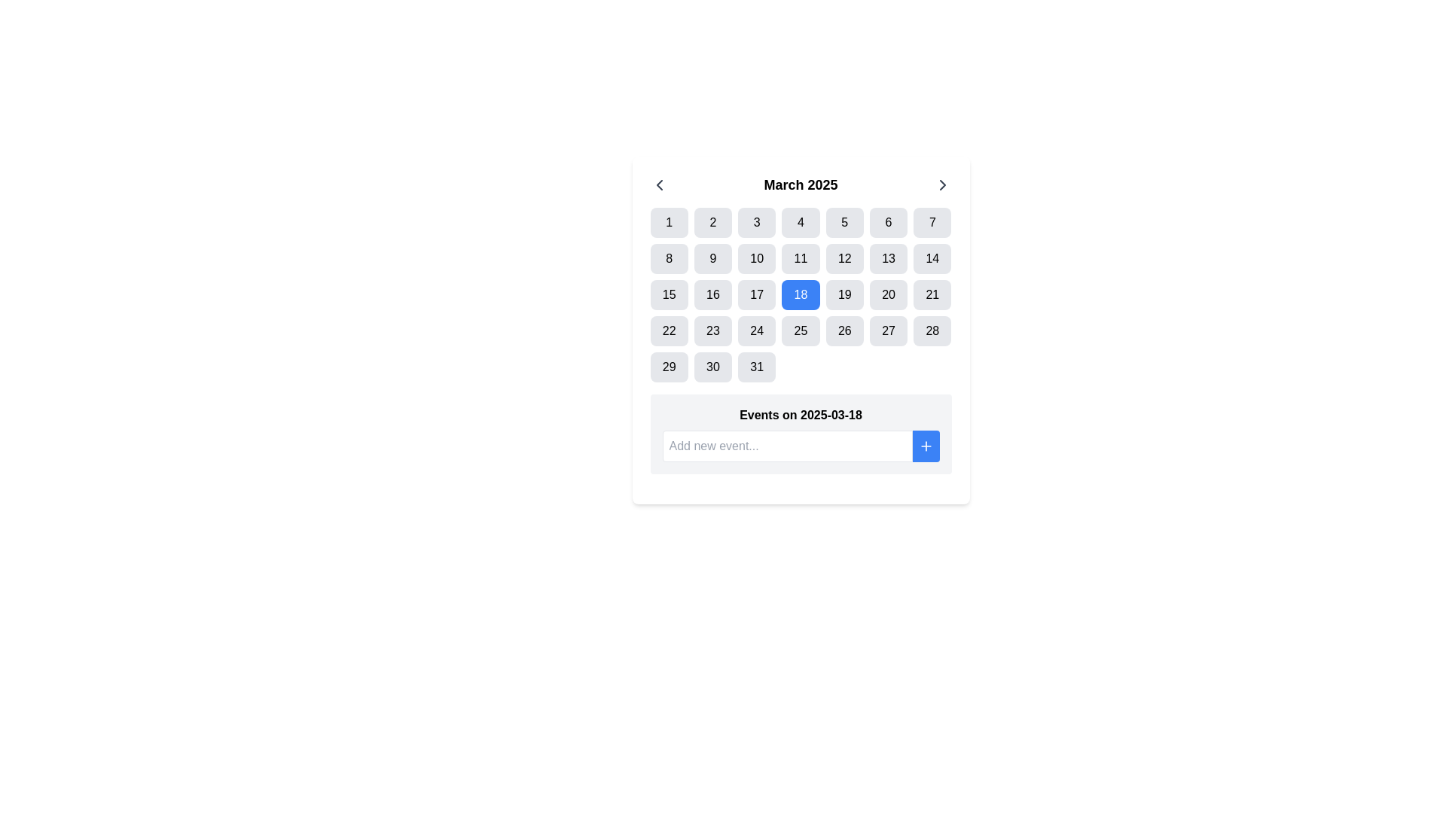 The image size is (1446, 813). Describe the element at coordinates (889, 295) in the screenshot. I see `the button representing the 20th day of the calendar` at that location.